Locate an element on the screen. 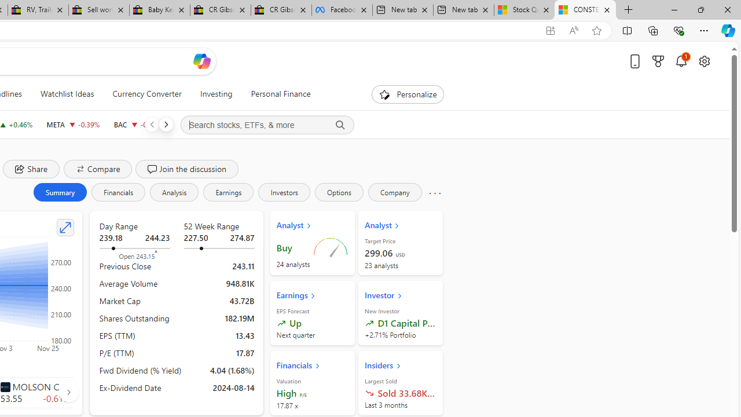 The width and height of the screenshot is (741, 417). 'Watchlist Ideas' is located at coordinates (66, 94).